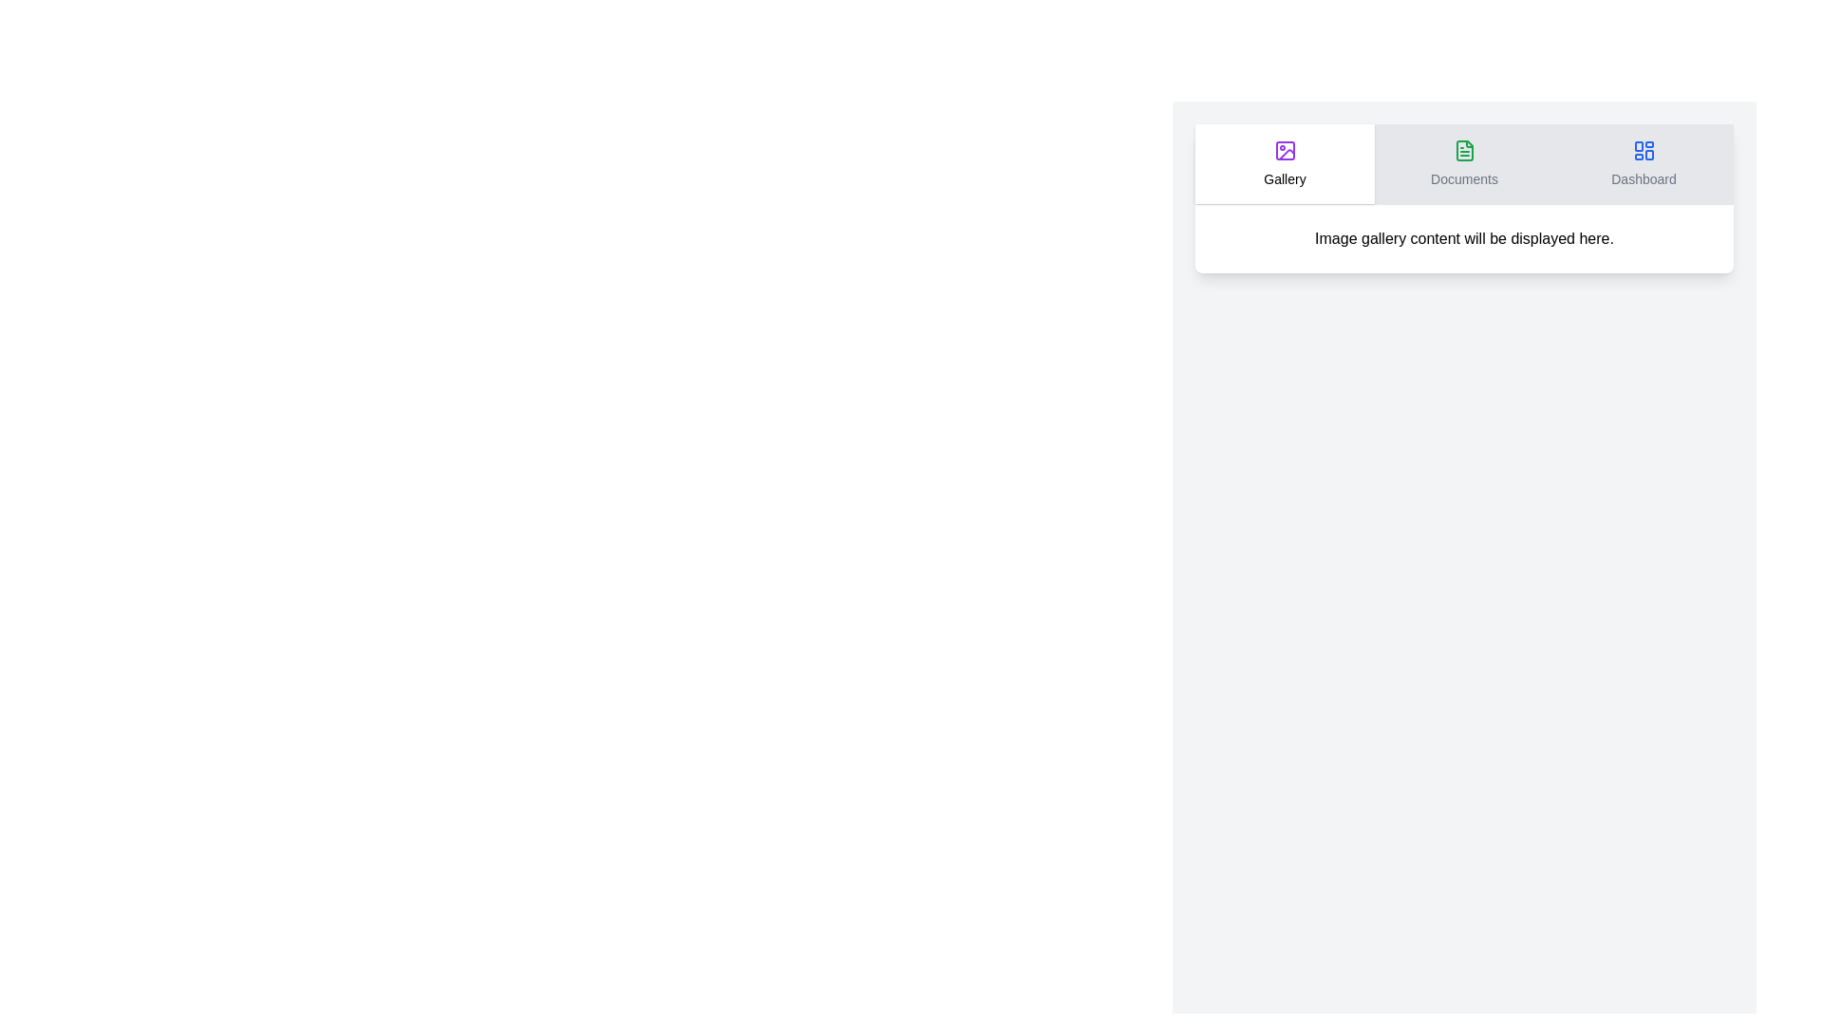  Describe the element at coordinates (1285, 163) in the screenshot. I see `the Gallery tab by clicking its header` at that location.